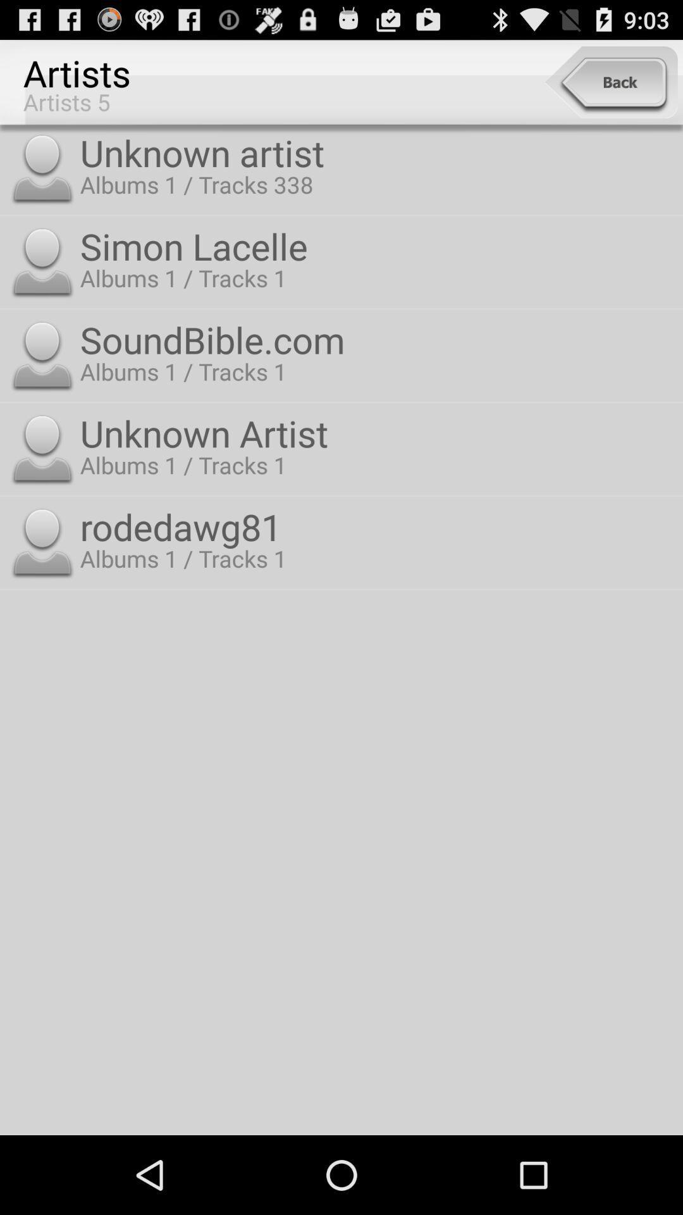 This screenshot has width=683, height=1215. What do you see at coordinates (378, 526) in the screenshot?
I see `the rodedawg81 icon` at bounding box center [378, 526].